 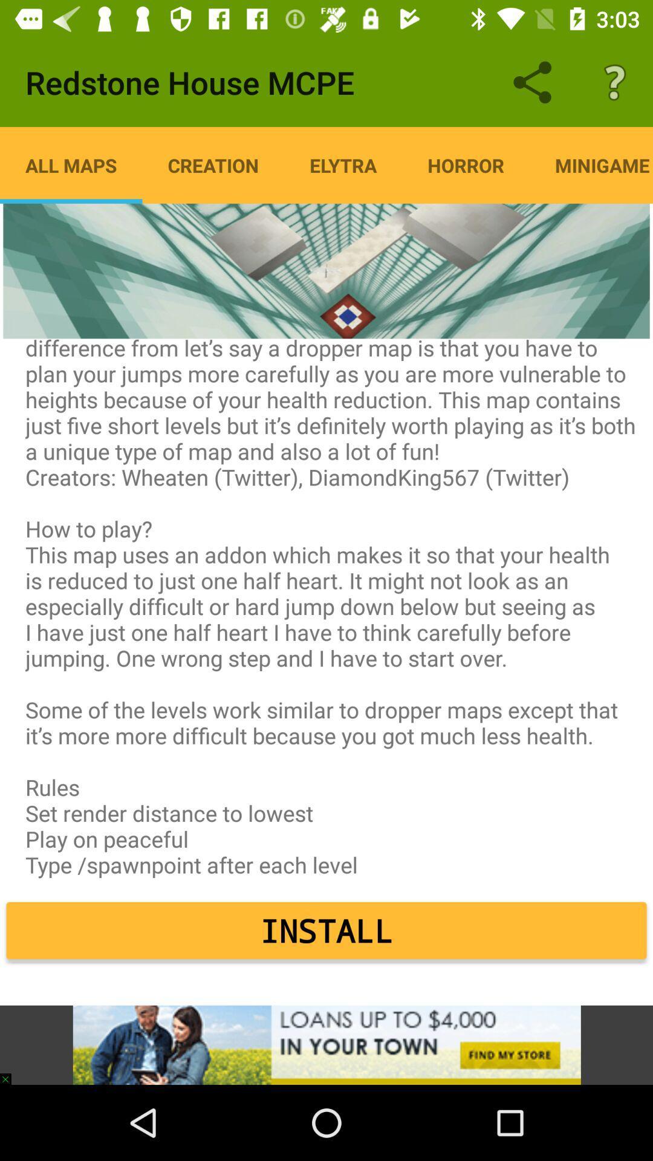 What do you see at coordinates (71, 164) in the screenshot?
I see `the item below redstone house mcpe icon` at bounding box center [71, 164].